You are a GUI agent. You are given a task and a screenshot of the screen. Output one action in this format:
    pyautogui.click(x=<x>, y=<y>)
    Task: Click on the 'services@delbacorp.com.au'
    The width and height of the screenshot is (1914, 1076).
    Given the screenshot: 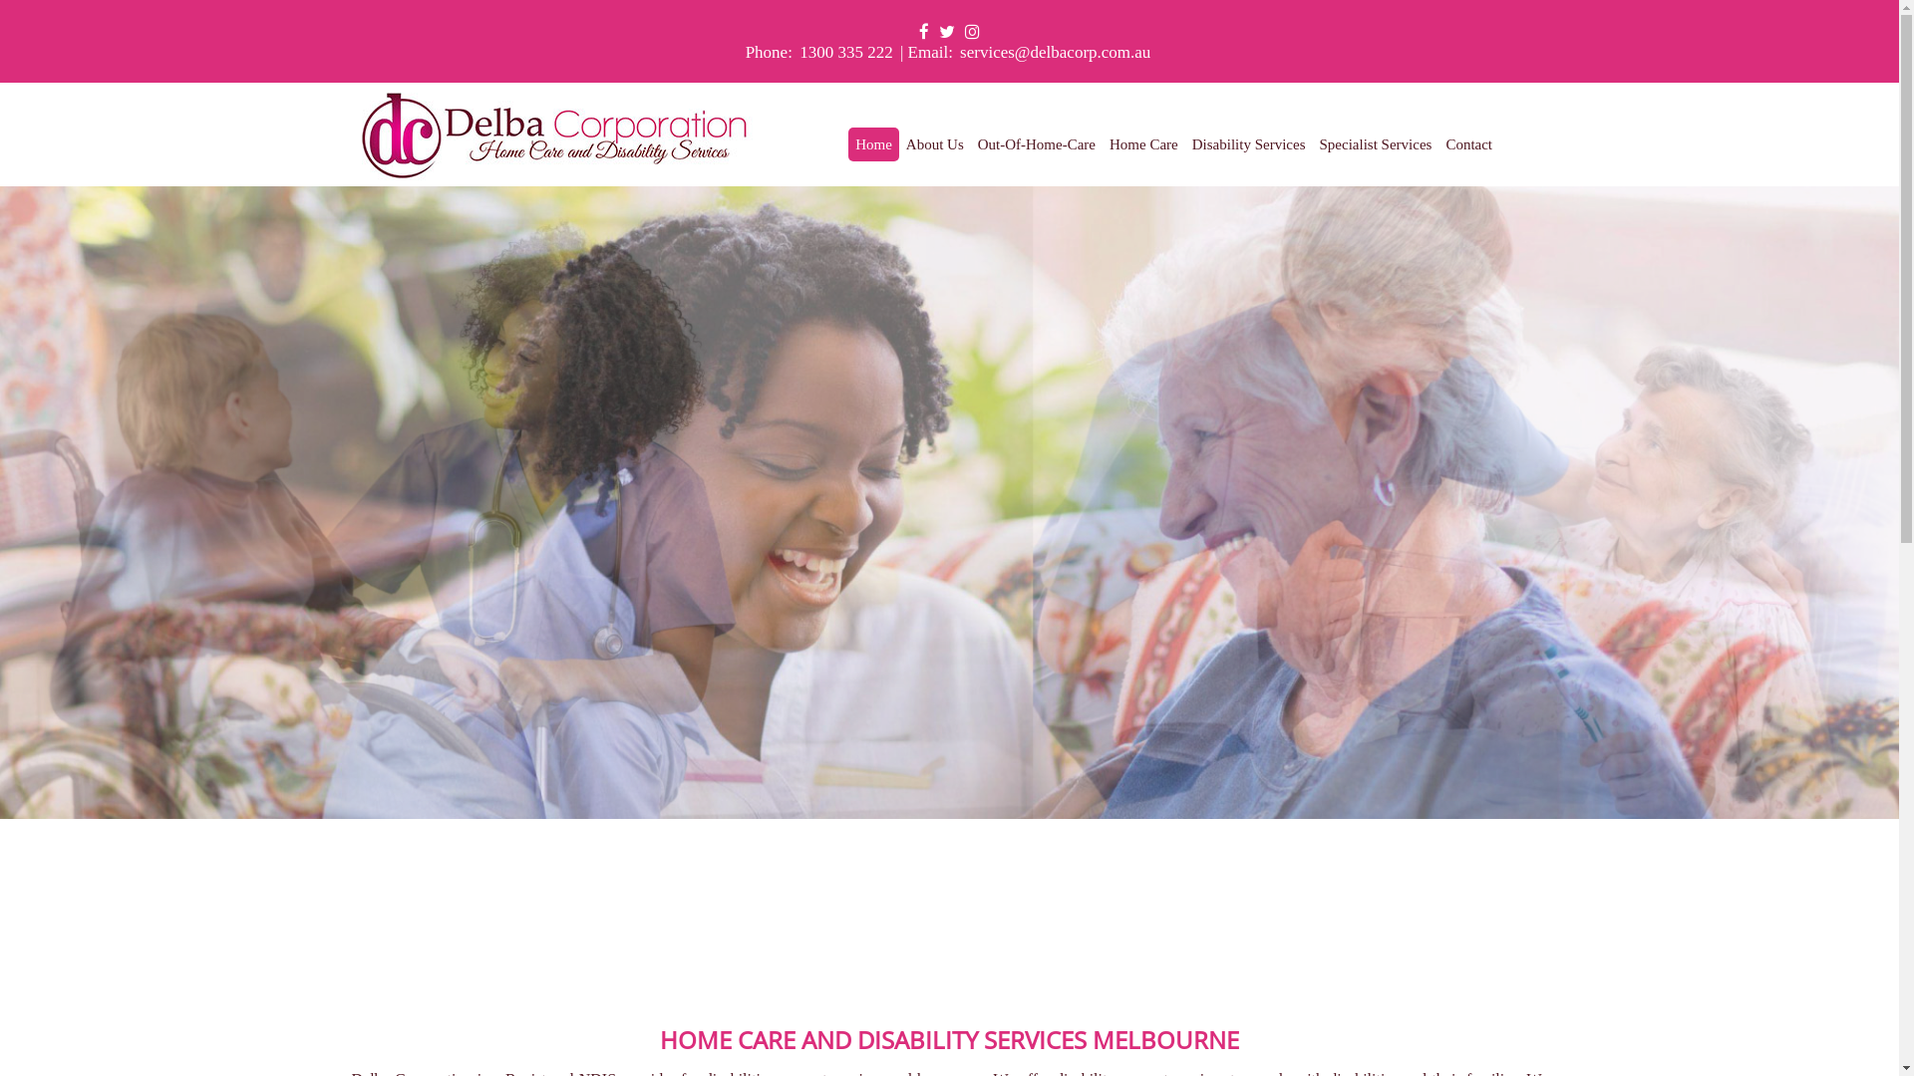 What is the action you would take?
    pyautogui.click(x=957, y=51)
    